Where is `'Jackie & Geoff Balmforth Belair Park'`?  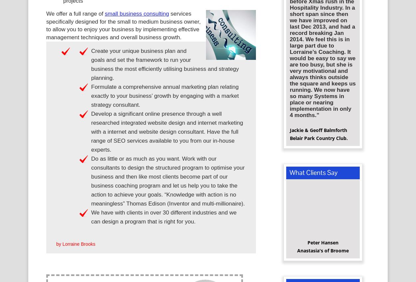
'Jackie & Geoff Balmforth Belair Park' is located at coordinates (318, 136).